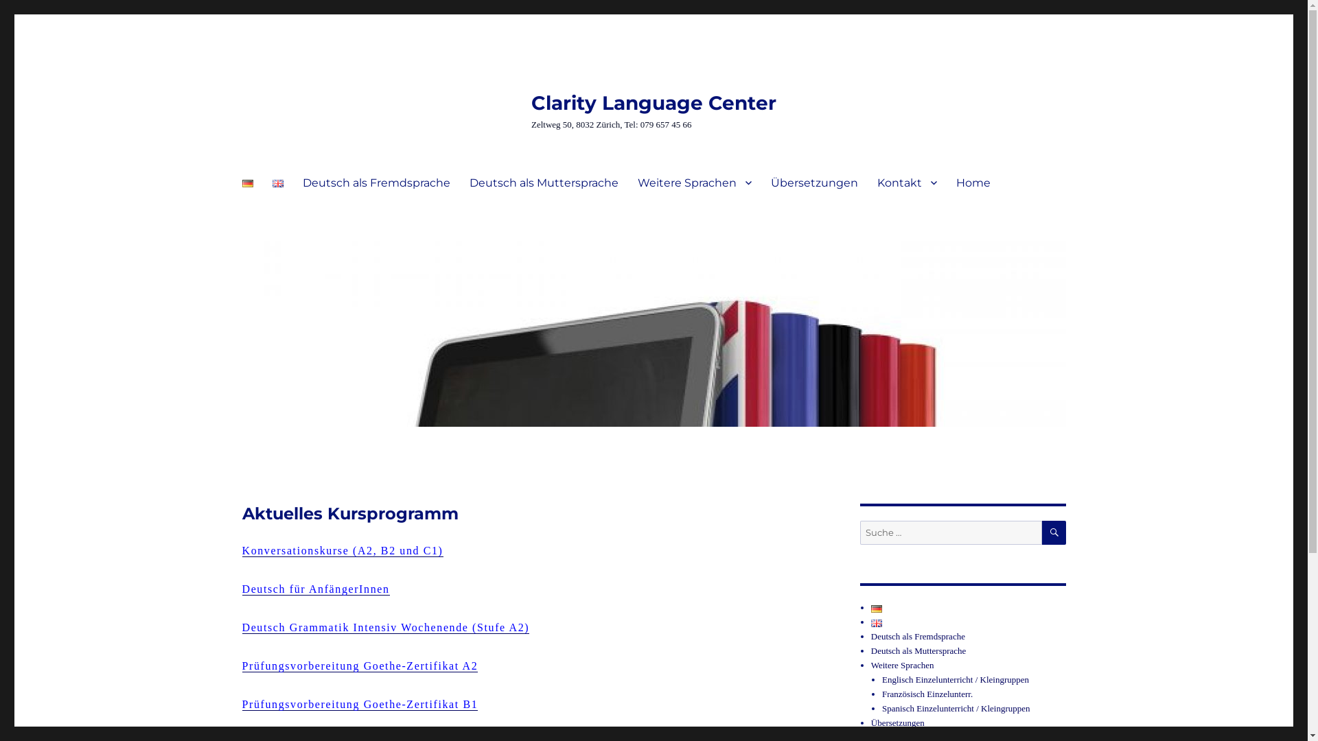  What do you see at coordinates (918, 636) in the screenshot?
I see `'Deutsch als Fremdsprache'` at bounding box center [918, 636].